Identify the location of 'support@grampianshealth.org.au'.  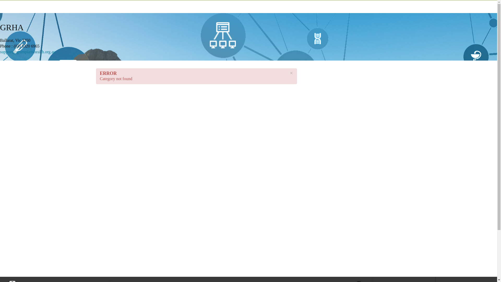
(27, 52).